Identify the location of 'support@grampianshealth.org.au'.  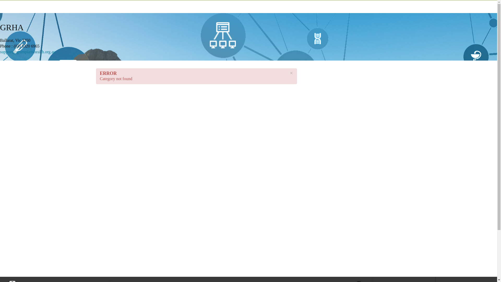
(27, 52).